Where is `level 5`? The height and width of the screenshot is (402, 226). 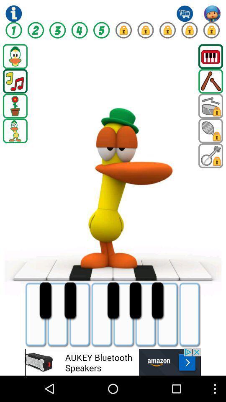 level 5 is located at coordinates (101, 30).